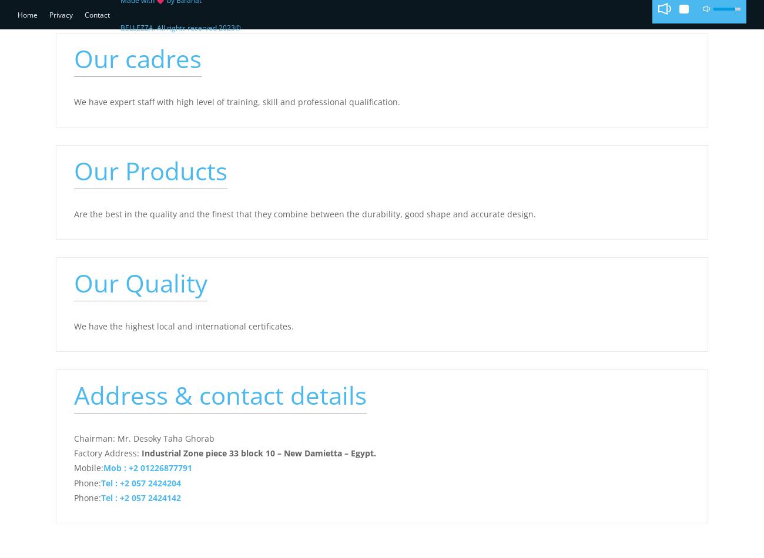 This screenshot has height=558, width=764. Describe the element at coordinates (73, 169) in the screenshot. I see `'Our Products'` at that location.